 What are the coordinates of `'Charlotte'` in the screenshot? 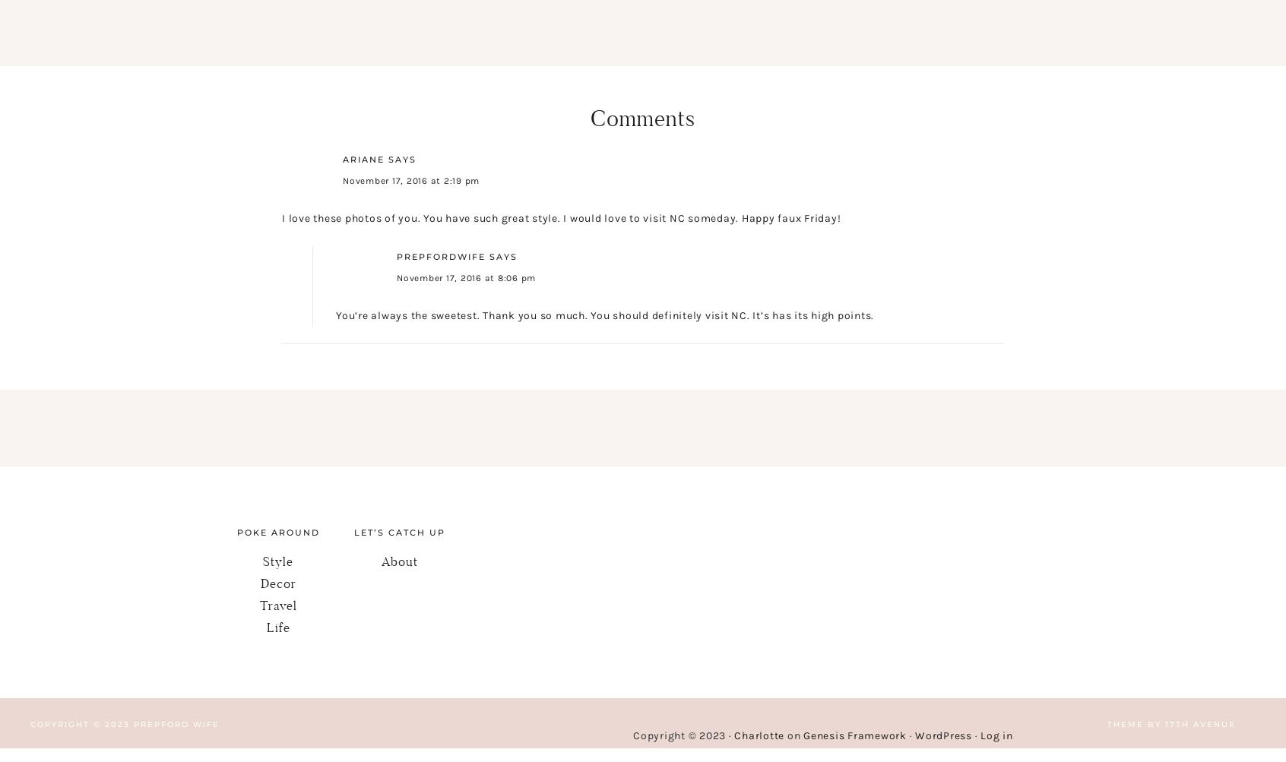 It's located at (758, 735).